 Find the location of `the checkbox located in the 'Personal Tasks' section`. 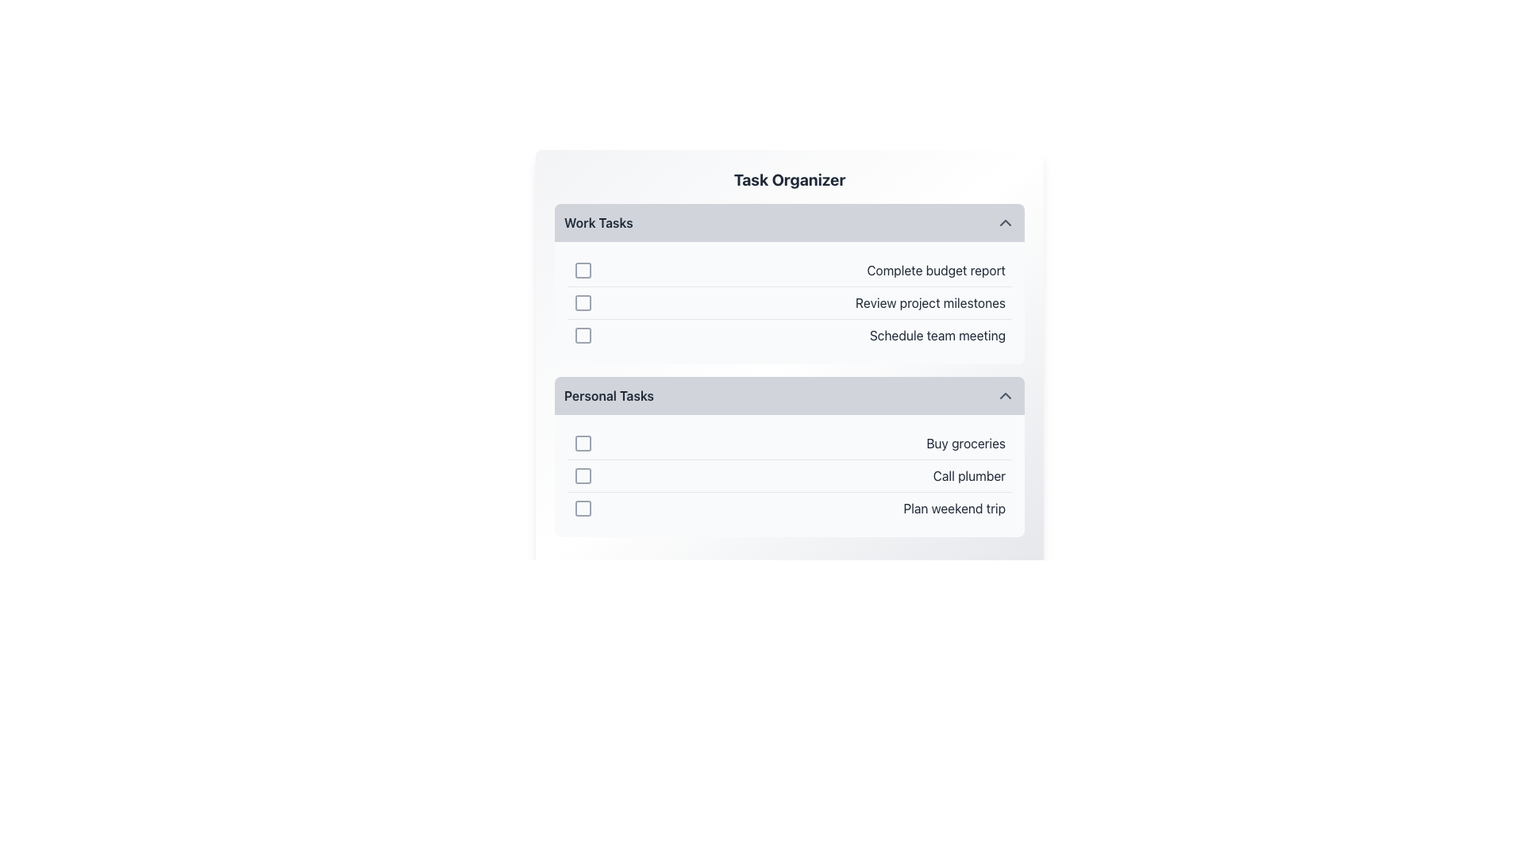

the checkbox located in the 'Personal Tasks' section is located at coordinates (582, 444).